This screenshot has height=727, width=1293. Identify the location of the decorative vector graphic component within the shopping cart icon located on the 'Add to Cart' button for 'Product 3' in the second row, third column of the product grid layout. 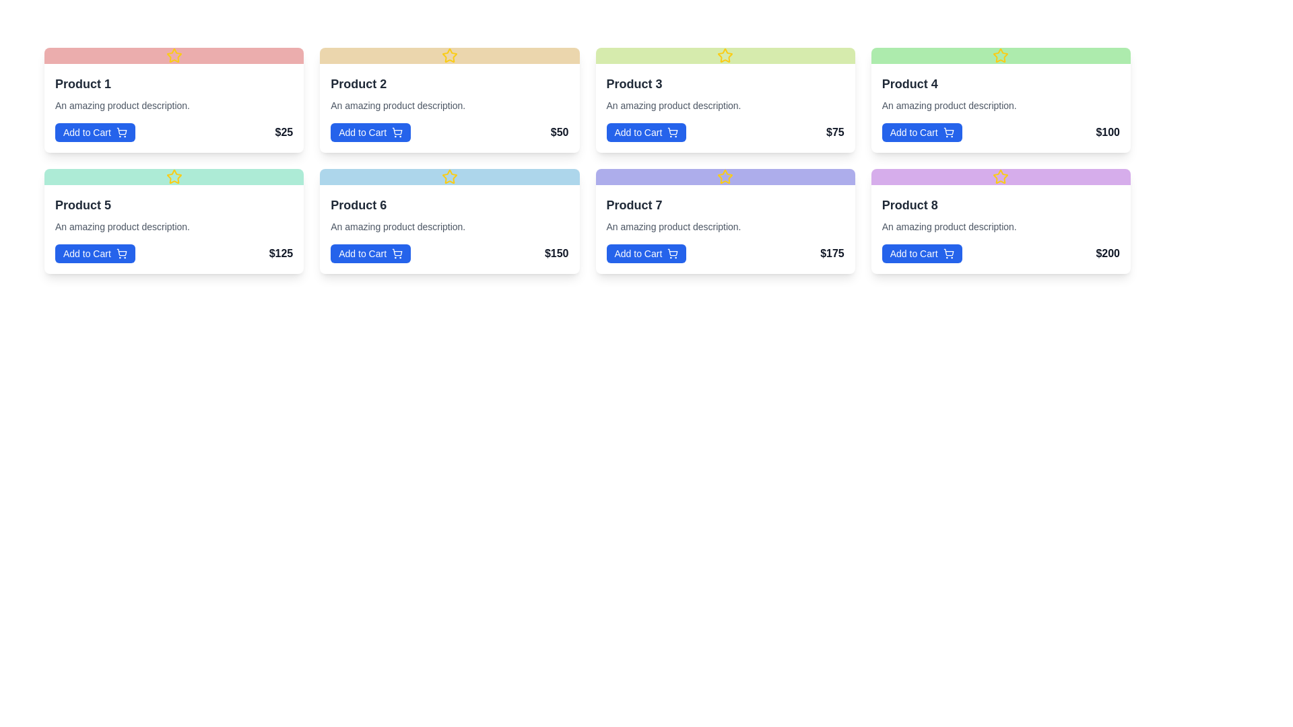
(673, 131).